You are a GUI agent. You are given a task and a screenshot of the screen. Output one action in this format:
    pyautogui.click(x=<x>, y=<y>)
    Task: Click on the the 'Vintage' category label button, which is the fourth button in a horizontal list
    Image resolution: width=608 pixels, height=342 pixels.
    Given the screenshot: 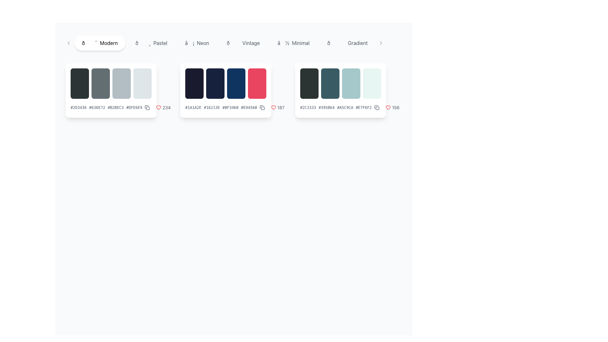 What is the action you would take?
    pyautogui.click(x=243, y=43)
    